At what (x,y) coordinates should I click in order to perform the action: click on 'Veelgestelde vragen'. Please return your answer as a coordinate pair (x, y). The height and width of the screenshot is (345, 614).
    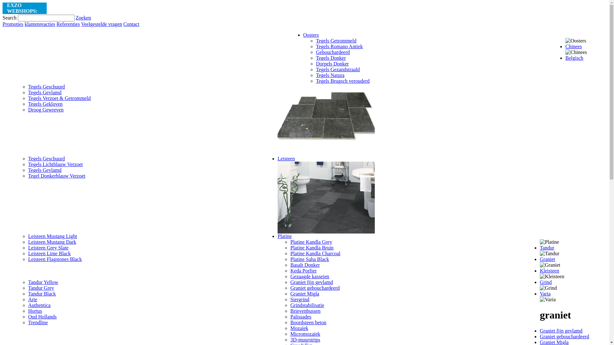
    Looking at the image, I should click on (81, 24).